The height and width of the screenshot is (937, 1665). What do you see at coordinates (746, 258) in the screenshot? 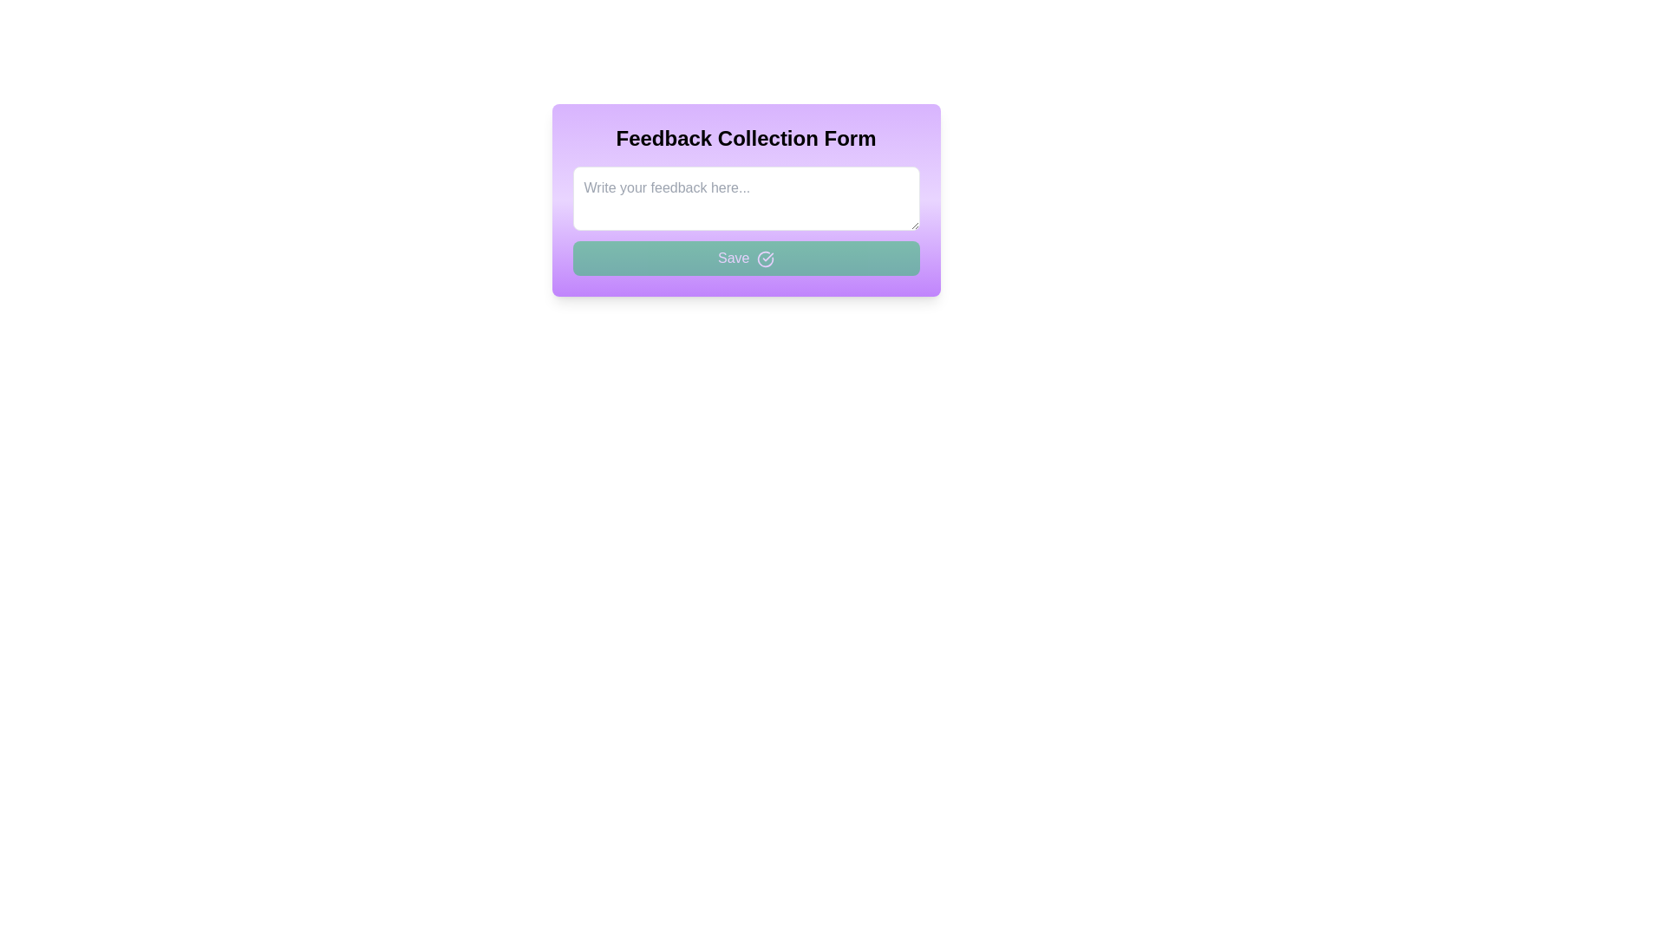
I see `the 'Save' button, which is a horizontally elongated button with a green background and white text, located below the feedback text input box` at bounding box center [746, 258].